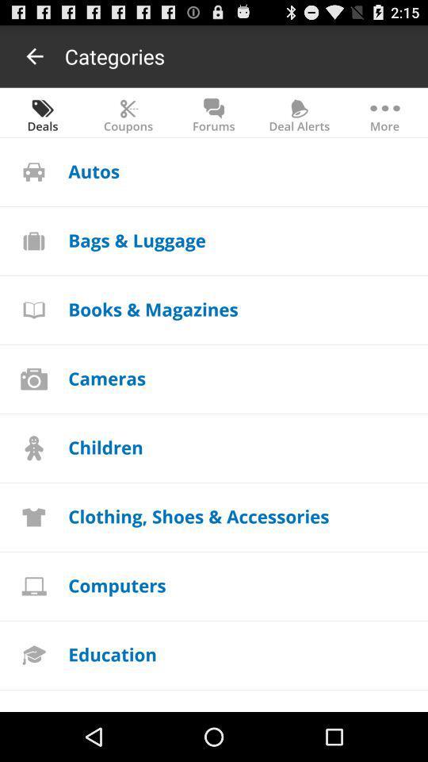 The width and height of the screenshot is (428, 762). Describe the element at coordinates (112, 654) in the screenshot. I see `education` at that location.